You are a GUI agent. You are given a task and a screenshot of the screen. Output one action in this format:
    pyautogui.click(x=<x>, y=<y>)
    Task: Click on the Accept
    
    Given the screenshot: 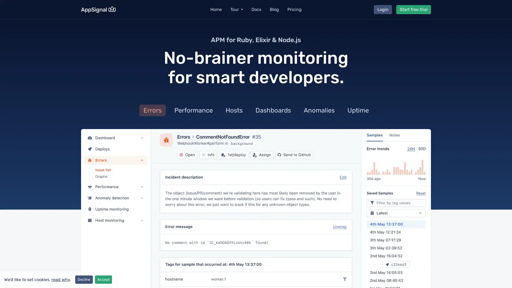 What is the action you would take?
    pyautogui.click(x=103, y=279)
    